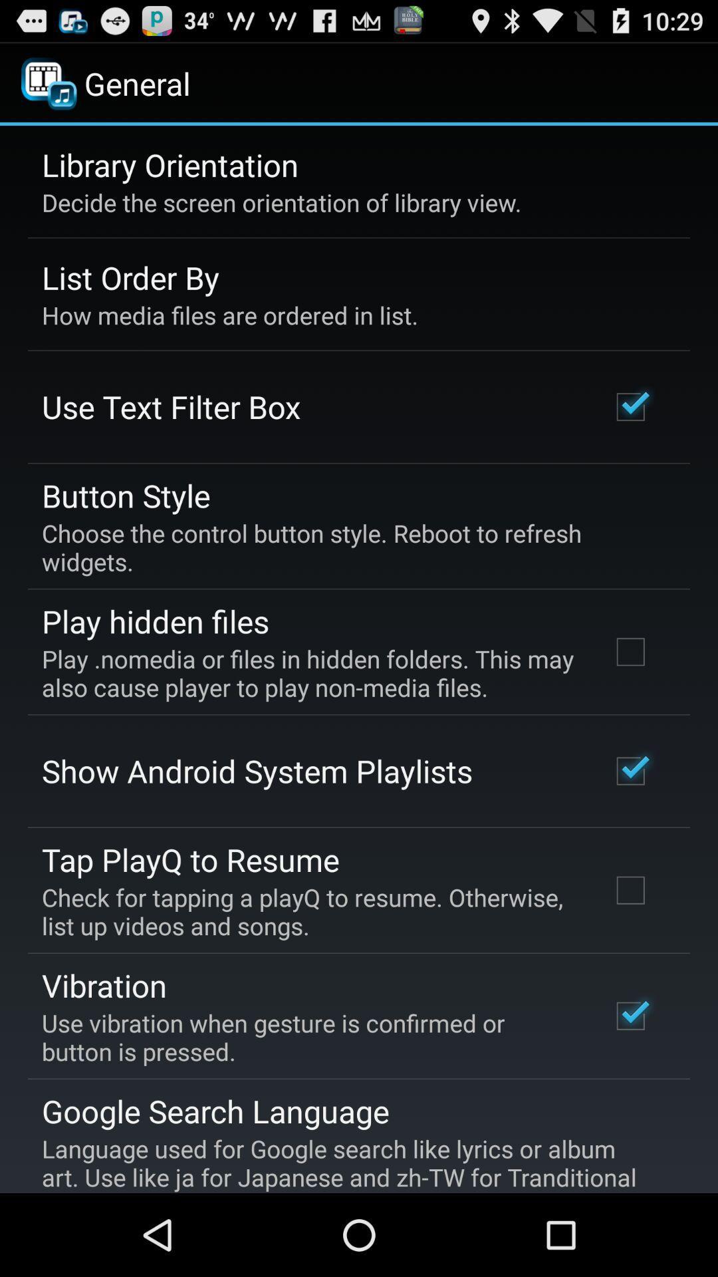 The height and width of the screenshot is (1277, 718). I want to click on the check for tapping app, so click(308, 911).